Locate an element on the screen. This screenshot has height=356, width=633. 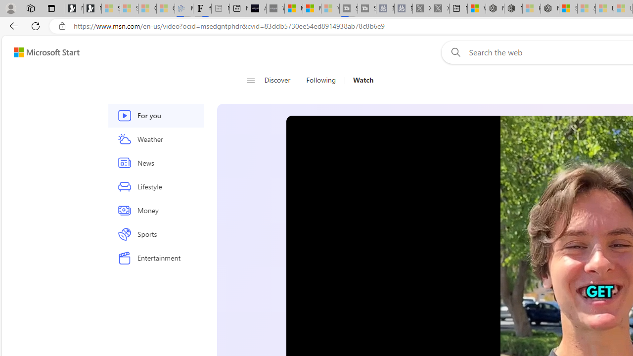
'X - Sleeping' is located at coordinates (439, 8).